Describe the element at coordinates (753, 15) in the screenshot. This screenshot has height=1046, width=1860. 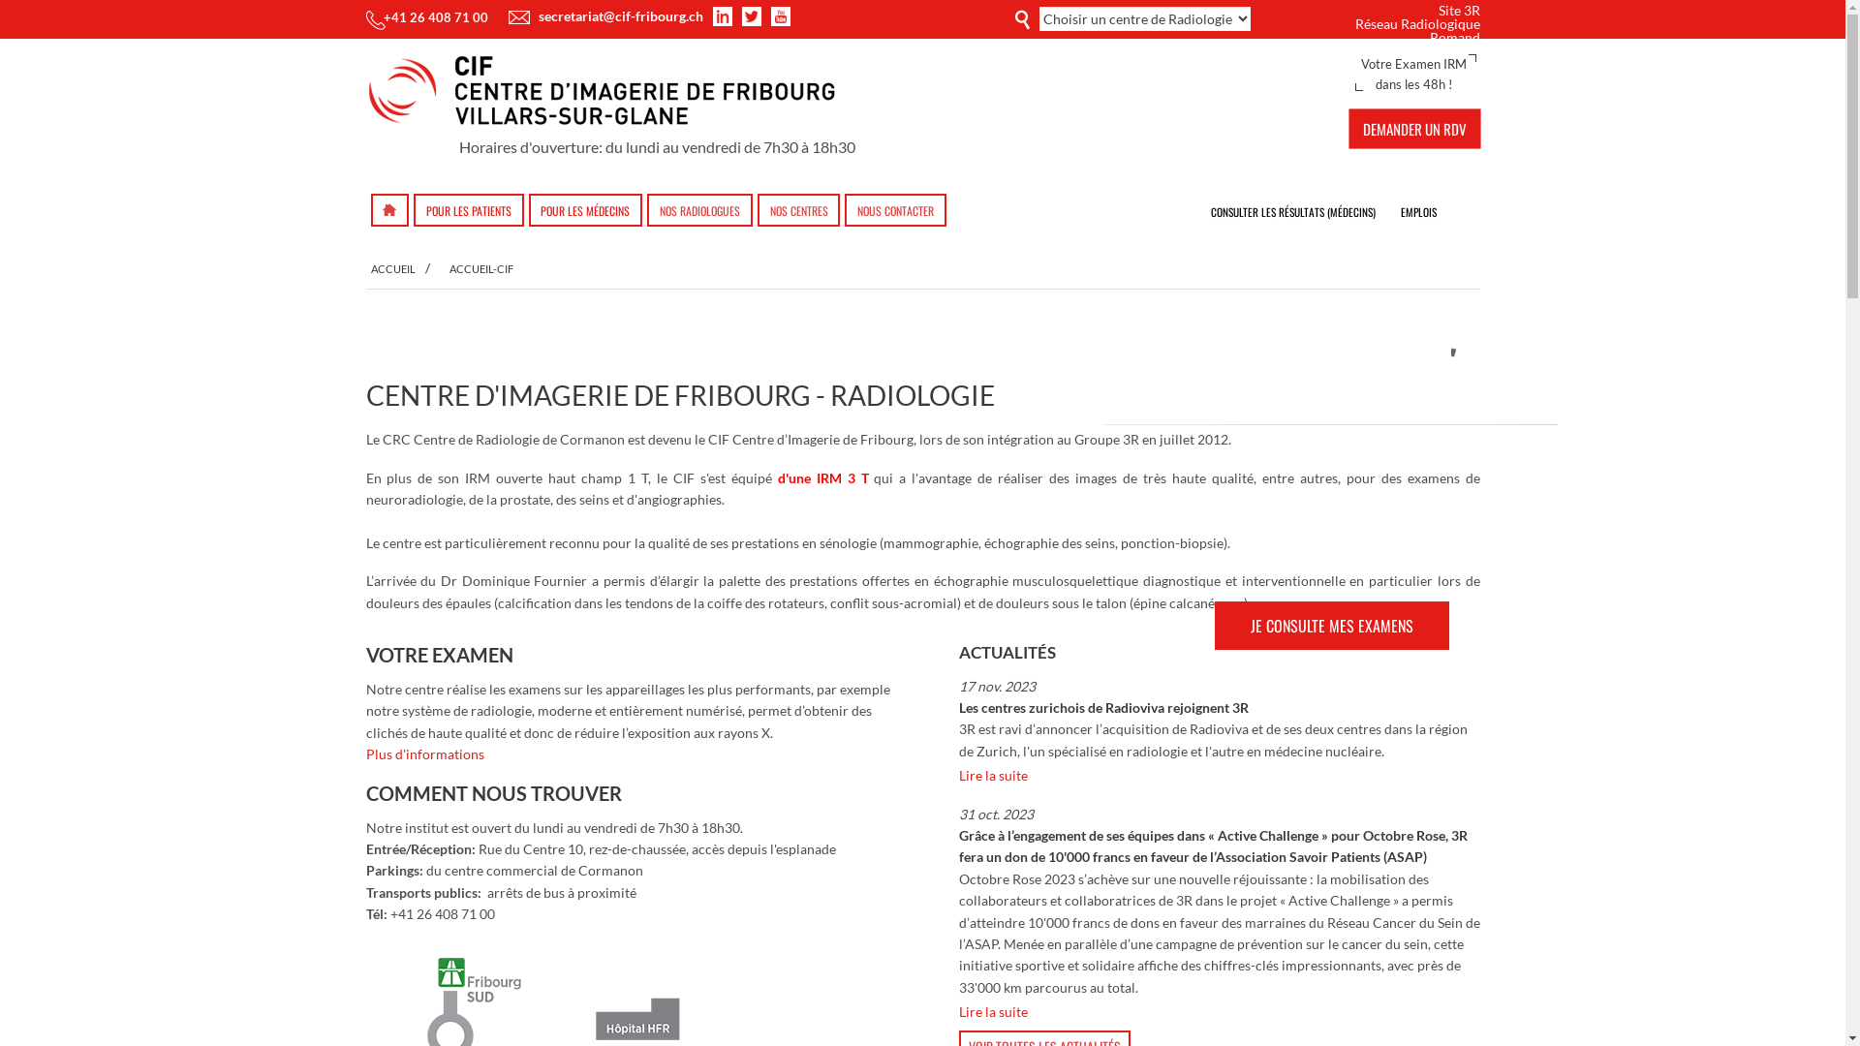
I see `'twitter'` at that location.